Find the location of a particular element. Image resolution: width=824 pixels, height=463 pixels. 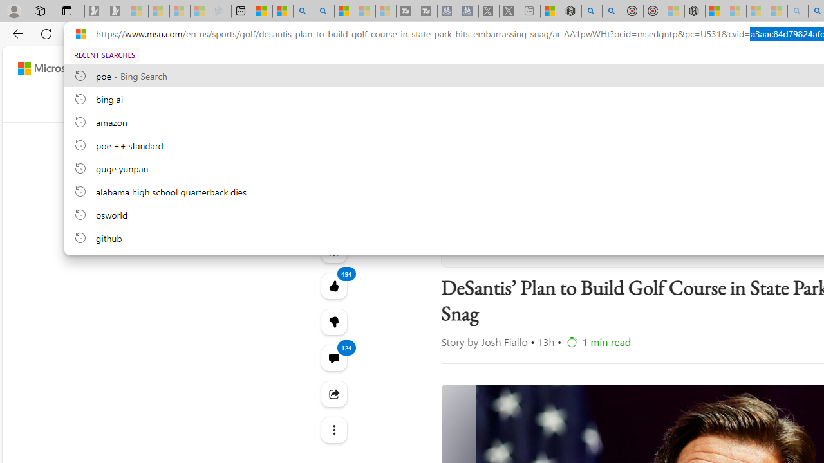

'New tab - Sleeping' is located at coordinates (530, 11).